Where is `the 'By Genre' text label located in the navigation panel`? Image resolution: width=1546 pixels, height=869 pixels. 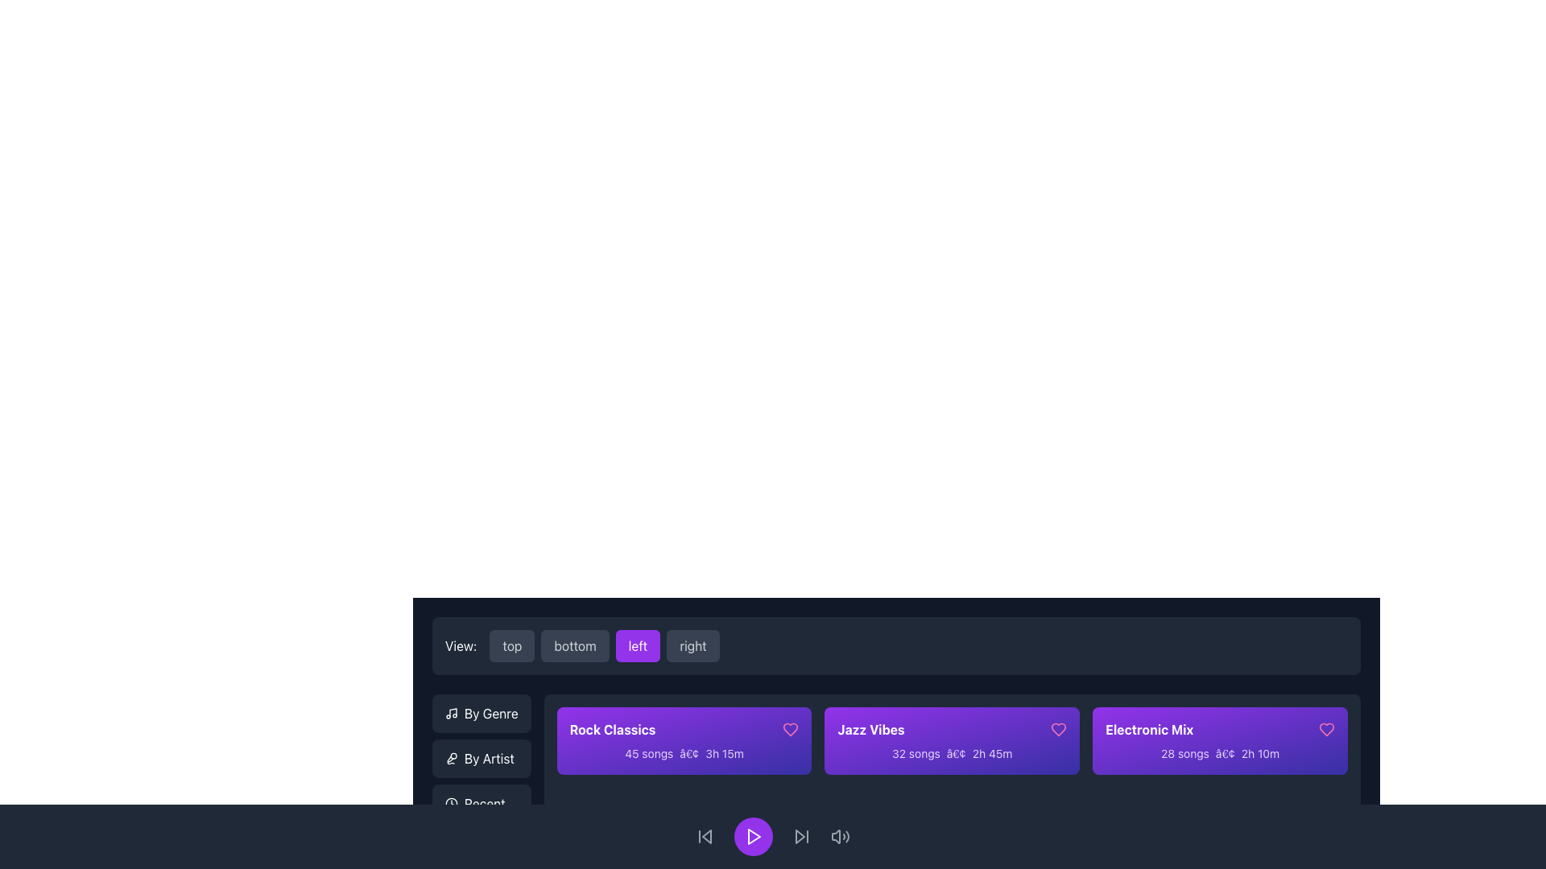
the 'By Genre' text label located in the navigation panel is located at coordinates (490, 713).